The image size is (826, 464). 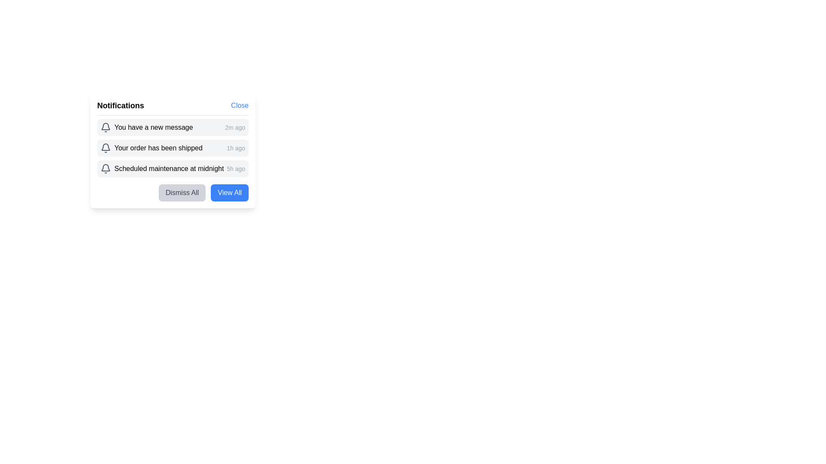 What do you see at coordinates (240, 105) in the screenshot?
I see `the close button styled as a hyperlink in the upper right corner of the notification panel` at bounding box center [240, 105].